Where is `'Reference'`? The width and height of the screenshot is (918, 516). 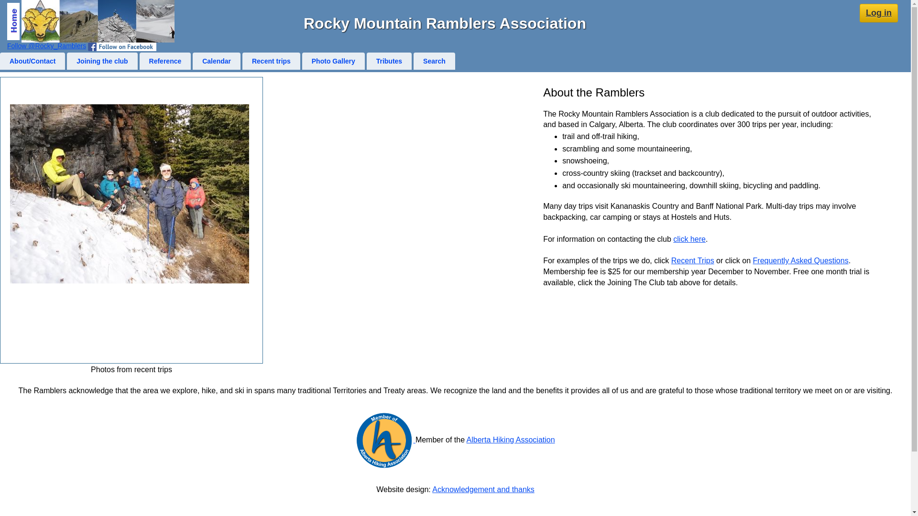 'Reference' is located at coordinates (139, 61).